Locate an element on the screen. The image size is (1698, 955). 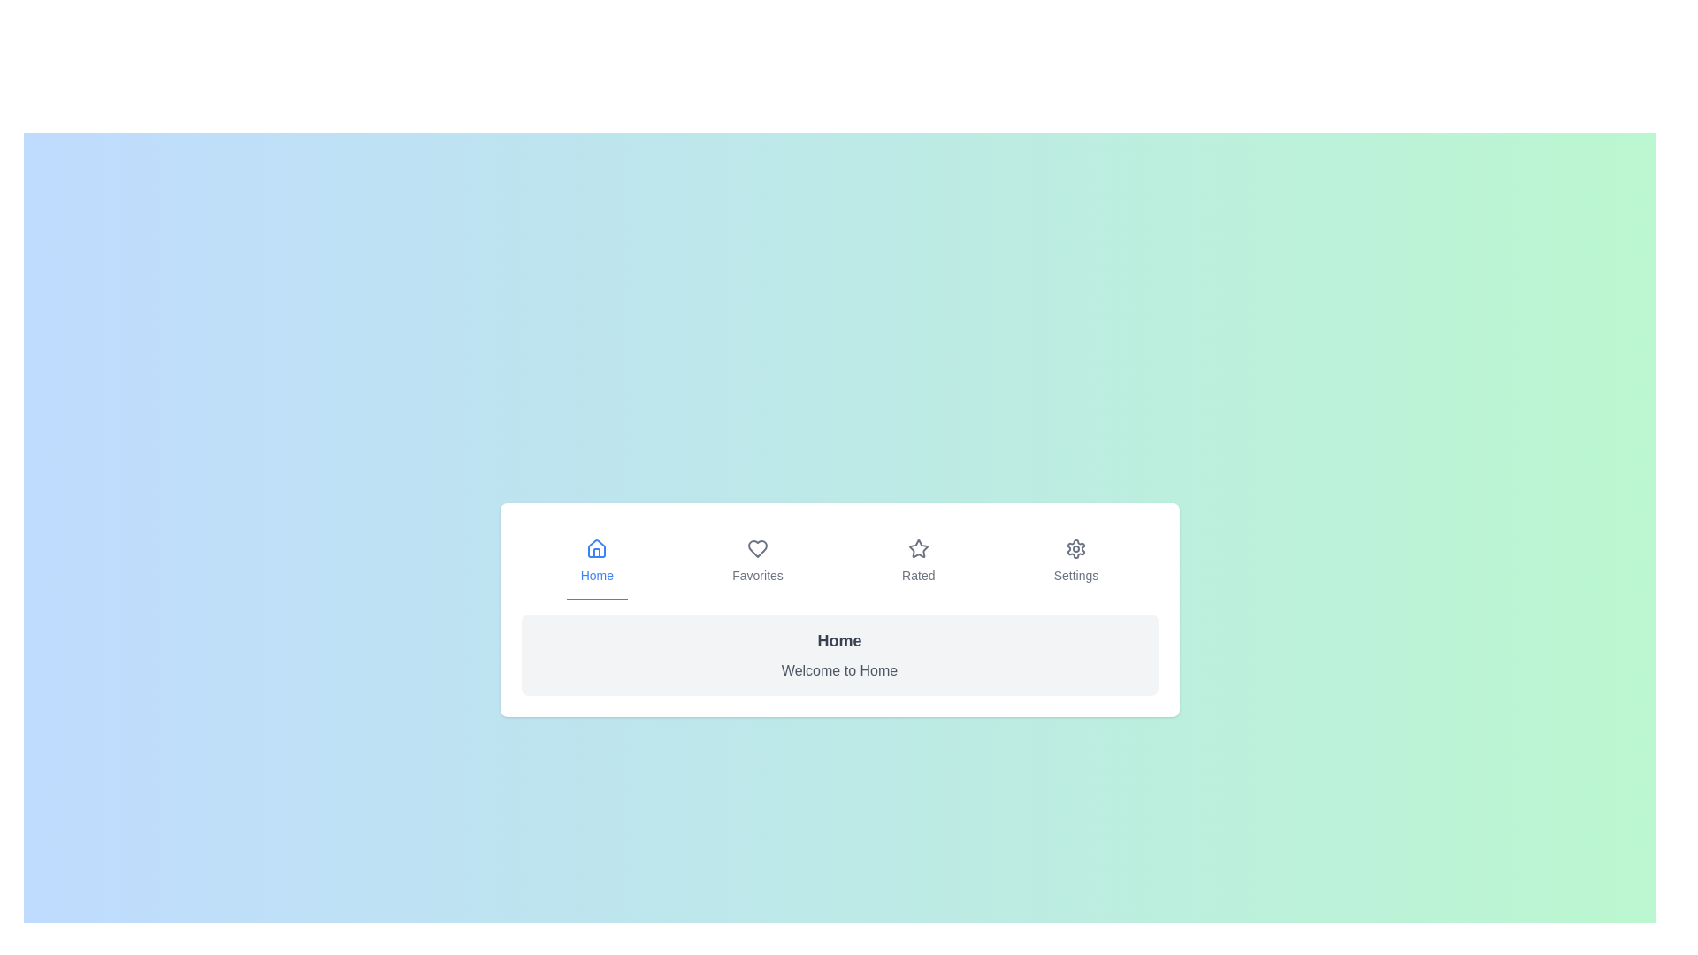
the tab labeled Favorites to activate it is located at coordinates (758, 562).